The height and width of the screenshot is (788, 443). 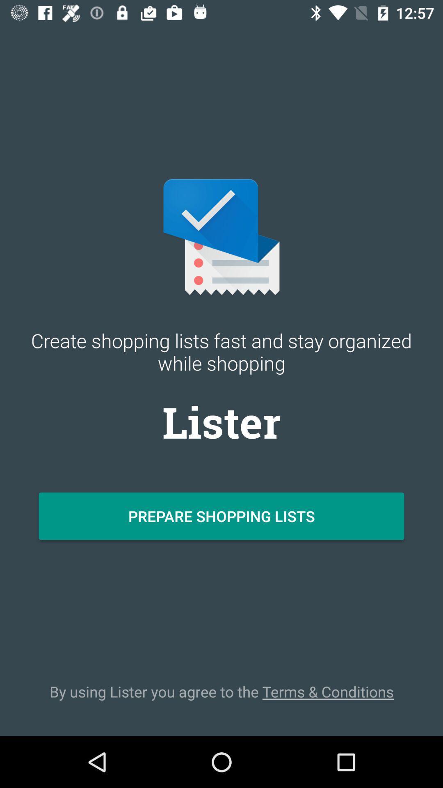 What do you see at coordinates (221, 691) in the screenshot?
I see `the by using lister item` at bounding box center [221, 691].